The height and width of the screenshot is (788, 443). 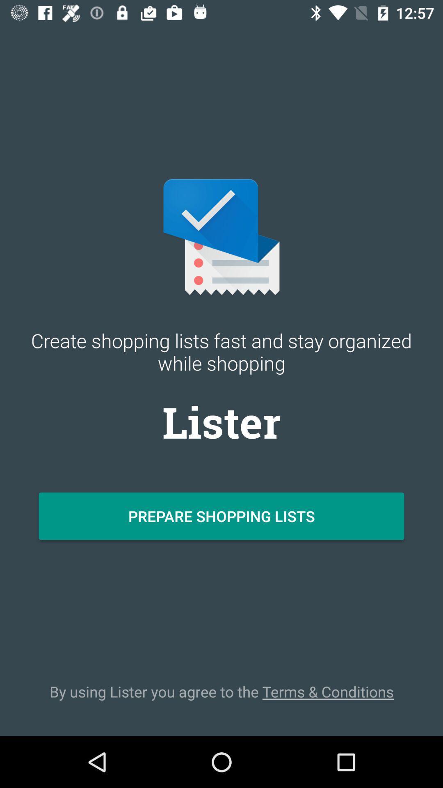 What do you see at coordinates (221, 691) in the screenshot?
I see `the by using lister item` at bounding box center [221, 691].